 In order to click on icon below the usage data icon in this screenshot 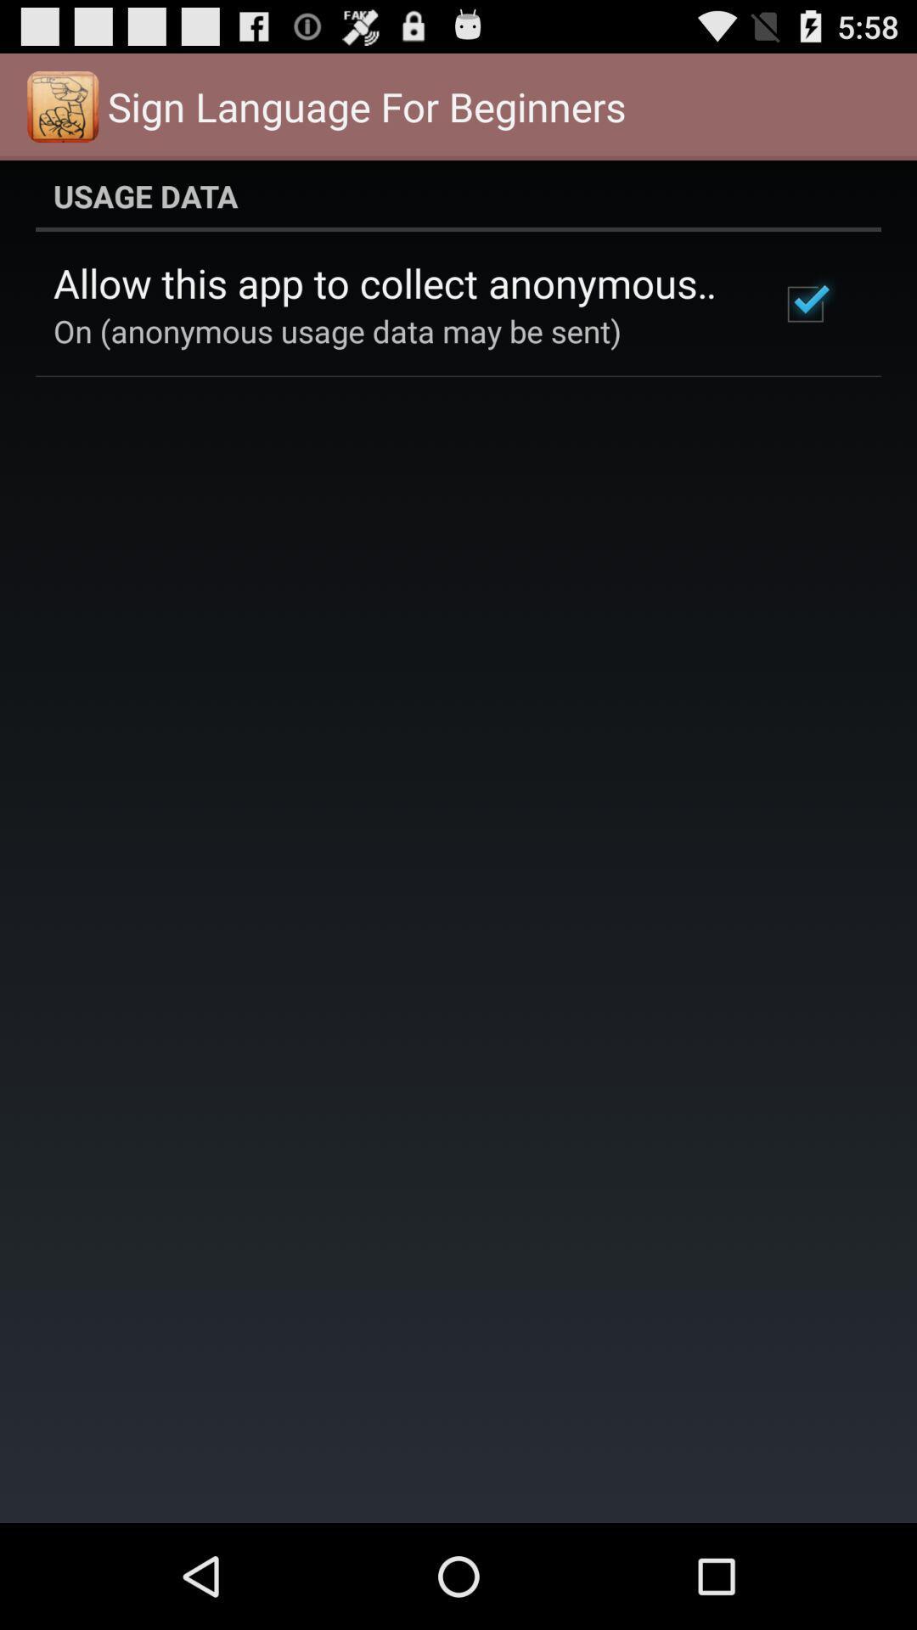, I will do `click(804, 304)`.